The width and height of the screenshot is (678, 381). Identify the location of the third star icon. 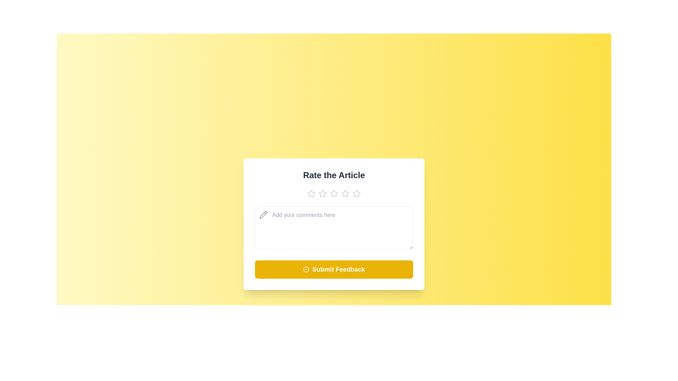
(333, 193).